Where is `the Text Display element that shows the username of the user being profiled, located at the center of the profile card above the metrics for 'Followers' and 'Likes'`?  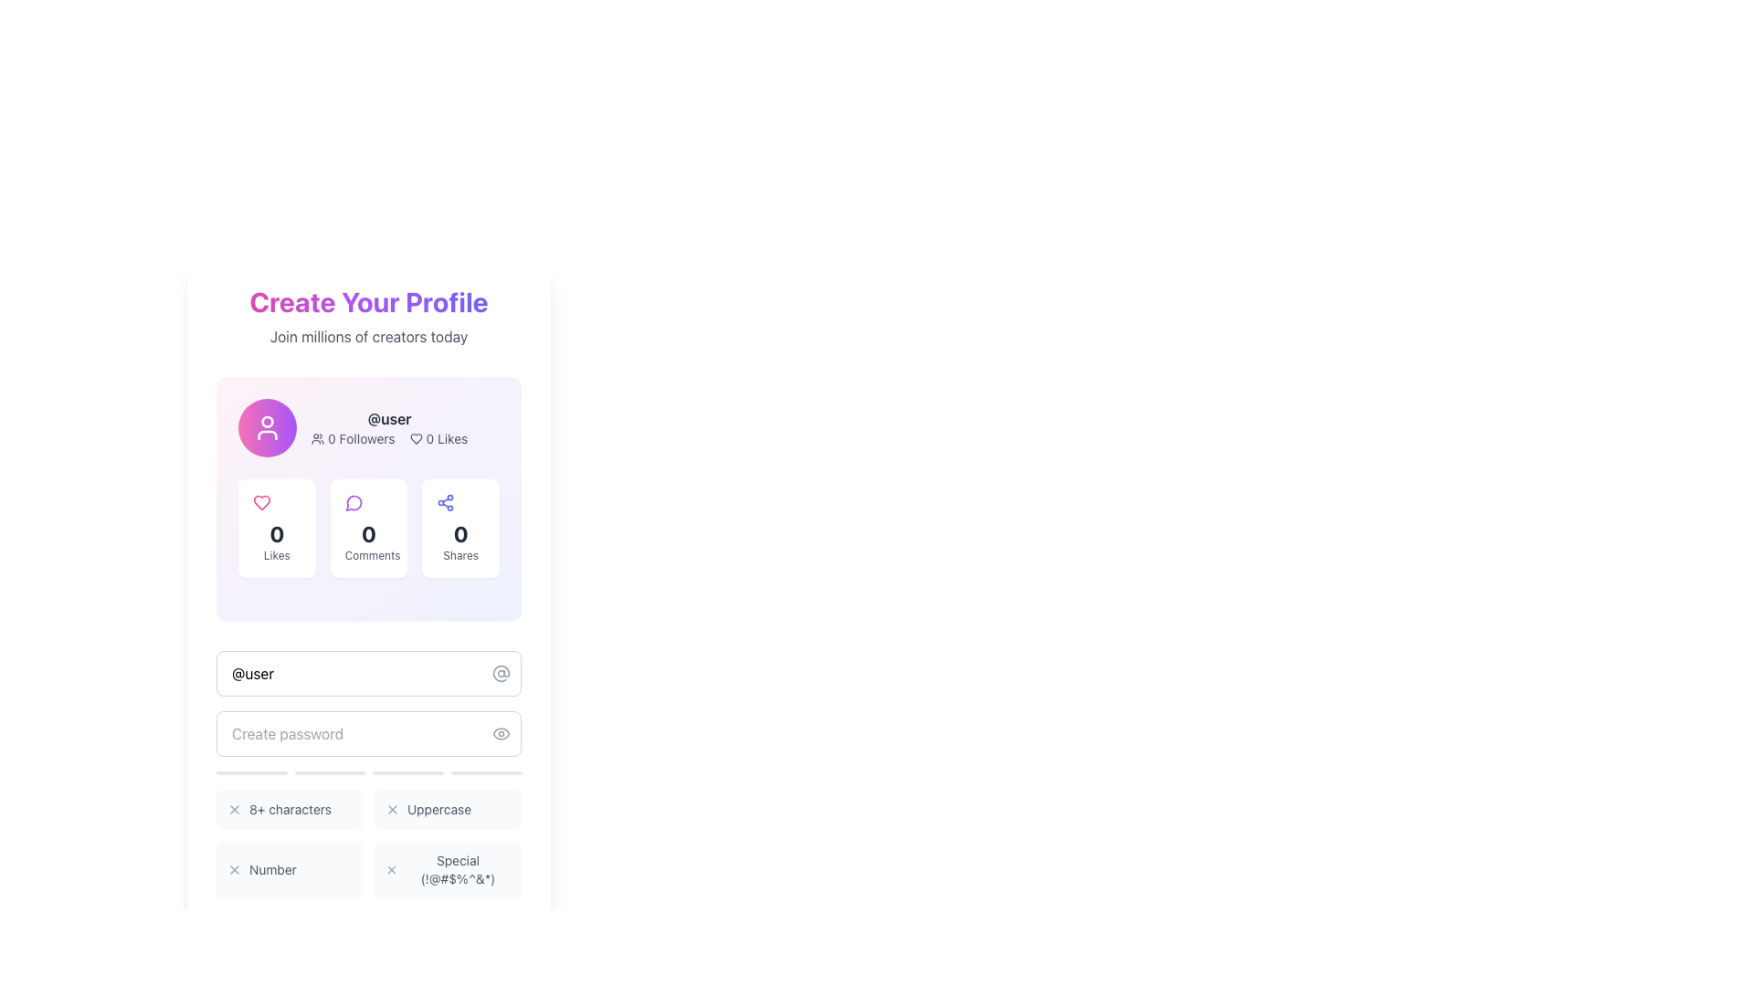
the Text Display element that shows the username of the user being profiled, located at the center of the profile card above the metrics for 'Followers' and 'Likes' is located at coordinates (388, 419).